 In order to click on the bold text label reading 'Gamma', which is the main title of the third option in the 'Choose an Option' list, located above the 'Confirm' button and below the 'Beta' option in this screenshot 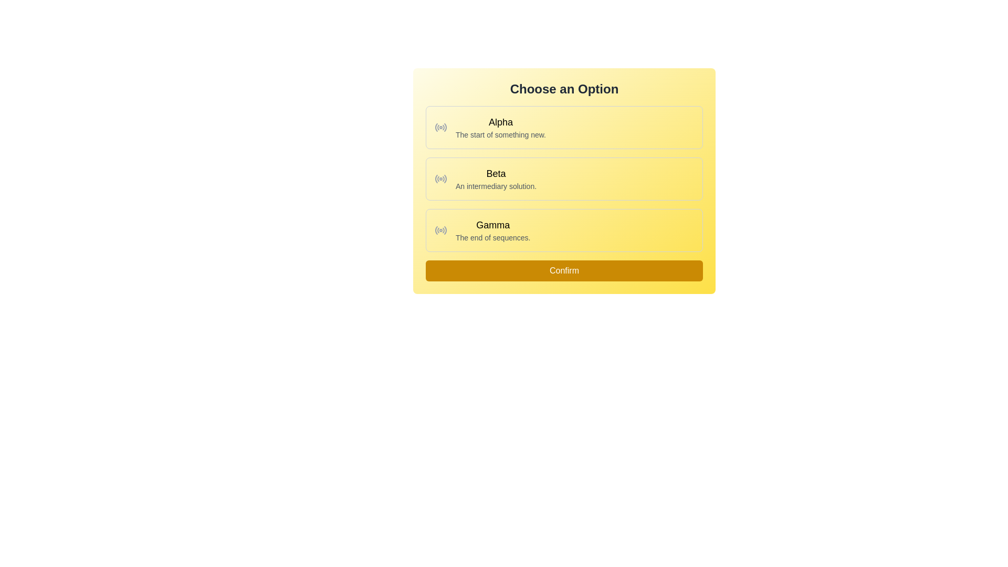, I will do `click(492, 224)`.